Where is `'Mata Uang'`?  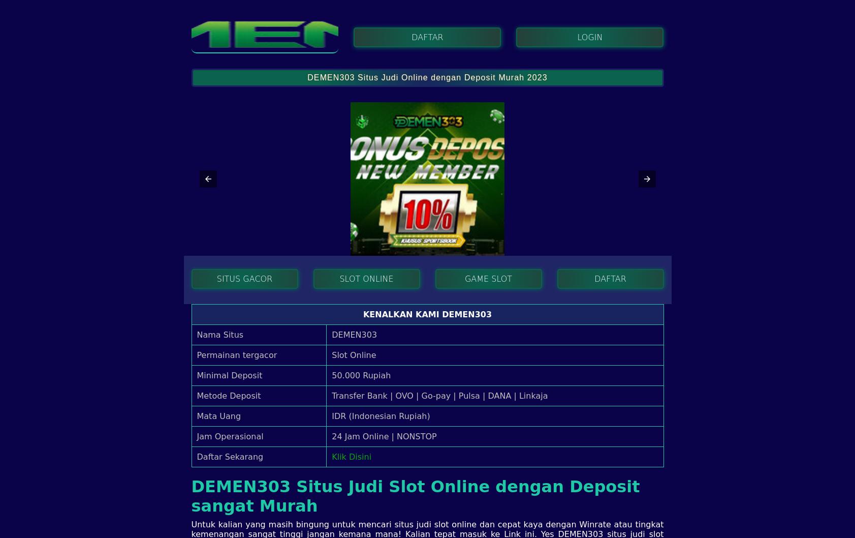 'Mata Uang' is located at coordinates (218, 415).